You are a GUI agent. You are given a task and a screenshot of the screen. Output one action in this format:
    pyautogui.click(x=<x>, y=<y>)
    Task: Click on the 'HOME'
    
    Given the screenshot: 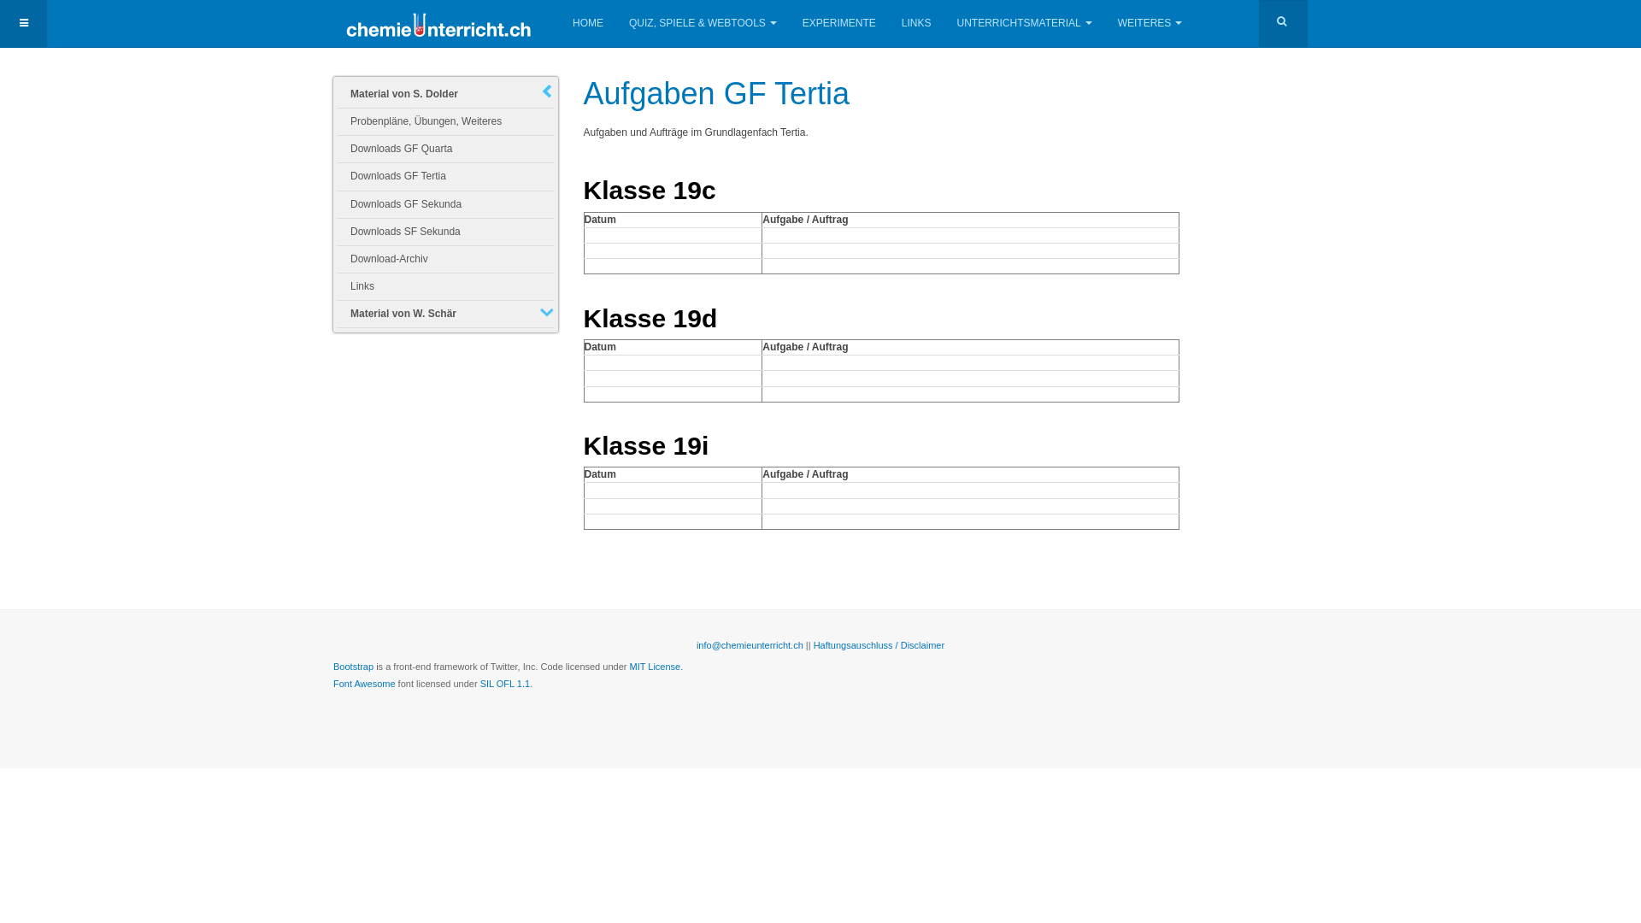 What is the action you would take?
    pyautogui.click(x=587, y=23)
    